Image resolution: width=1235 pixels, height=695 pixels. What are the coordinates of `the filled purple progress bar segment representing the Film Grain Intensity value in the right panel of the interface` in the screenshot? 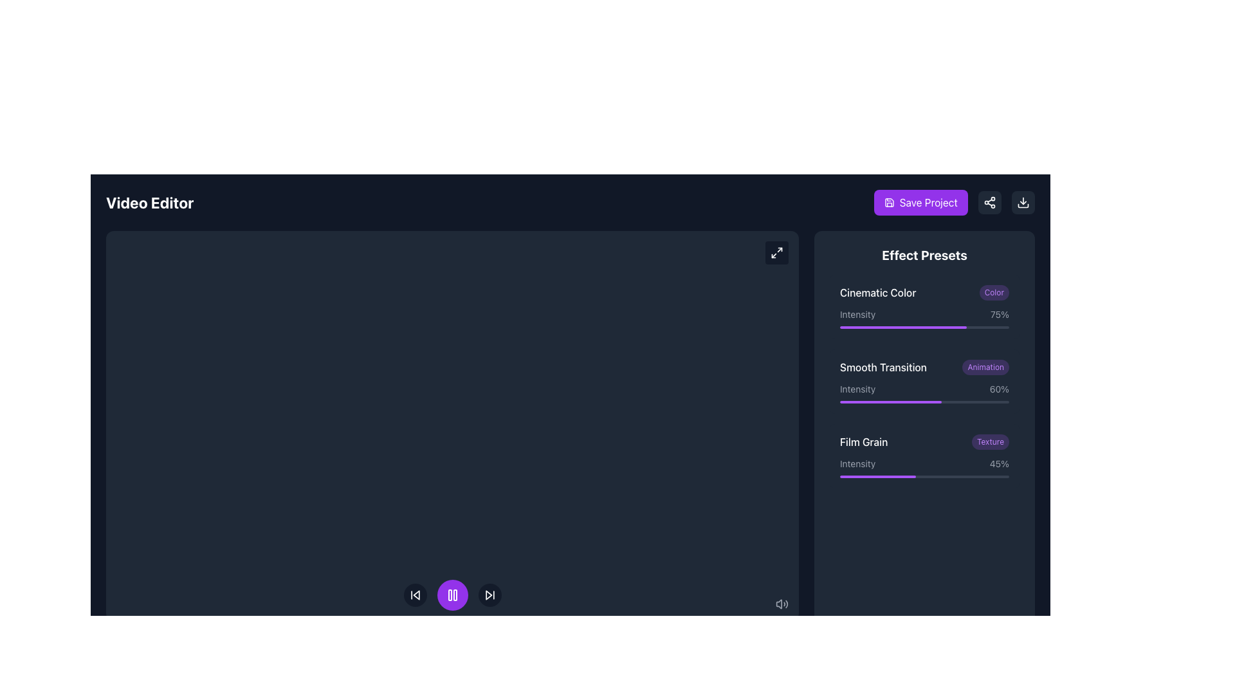 It's located at (877, 476).